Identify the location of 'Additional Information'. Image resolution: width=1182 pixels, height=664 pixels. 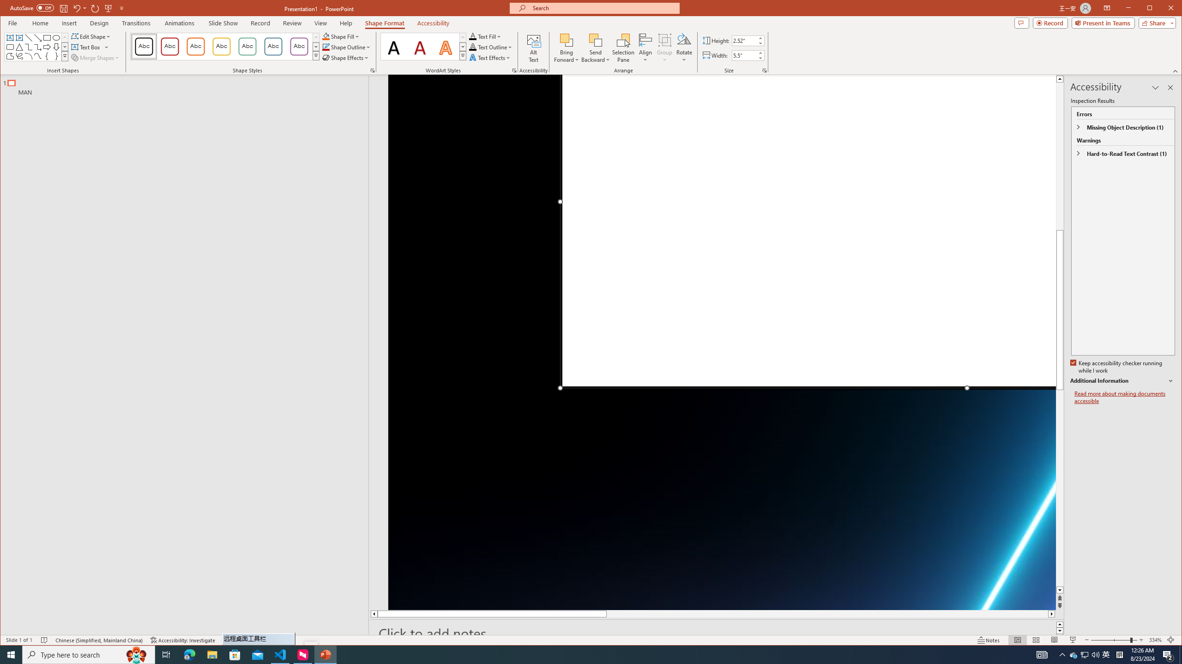
(1122, 381).